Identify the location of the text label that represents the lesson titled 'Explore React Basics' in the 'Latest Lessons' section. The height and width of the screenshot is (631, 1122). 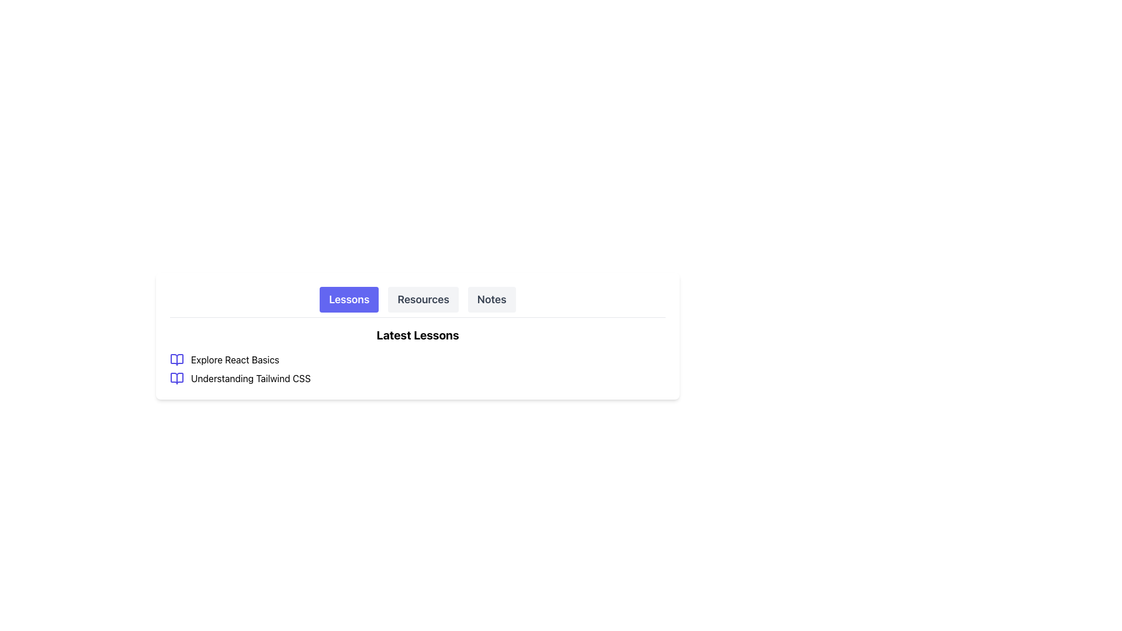
(234, 359).